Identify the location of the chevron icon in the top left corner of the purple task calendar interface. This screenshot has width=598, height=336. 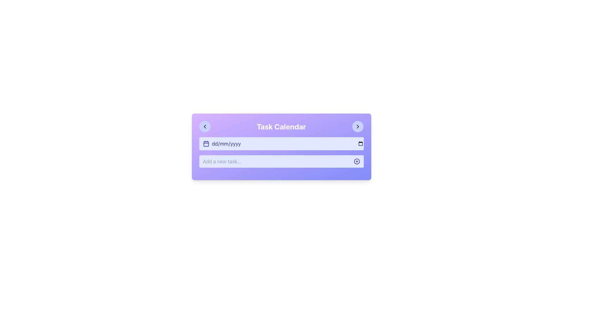
(205, 126).